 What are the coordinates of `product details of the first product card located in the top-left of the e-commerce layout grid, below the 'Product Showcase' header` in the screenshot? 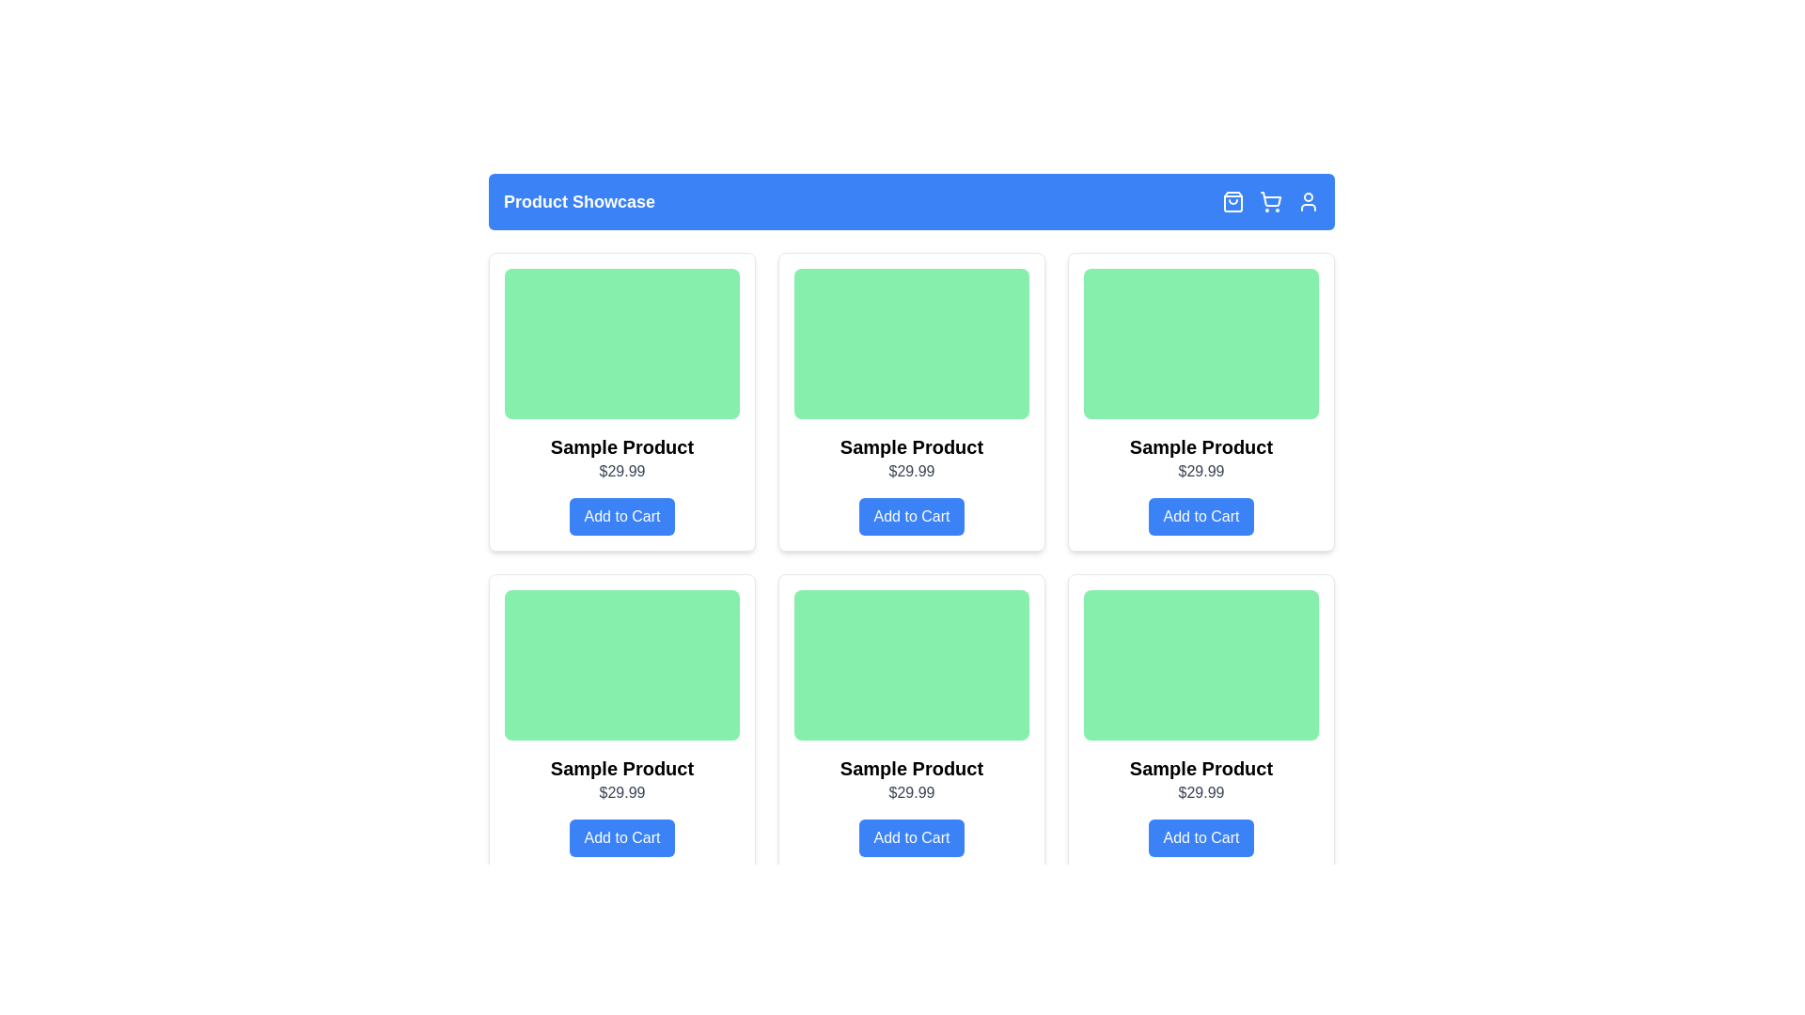 It's located at (622, 401).